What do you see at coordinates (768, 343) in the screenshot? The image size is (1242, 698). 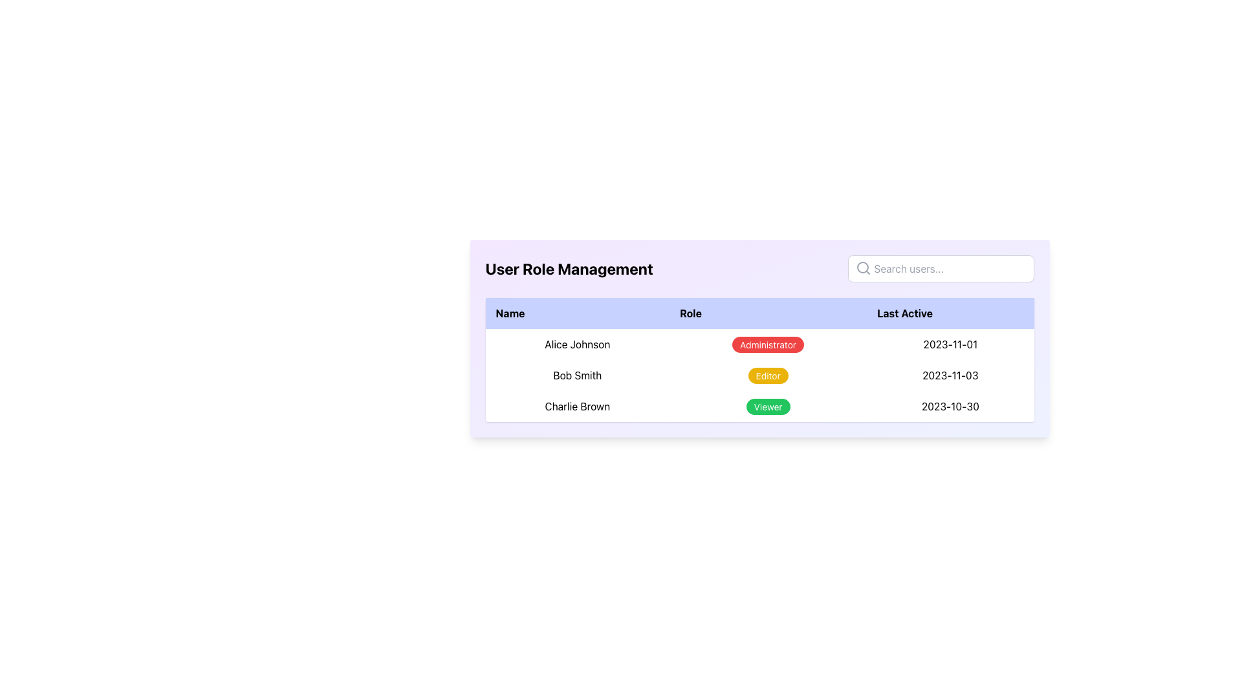 I see `the information represented by the 'Administrator' badge, which is a rounded rectangular badge with a red background and white text located in the 'Role' column of the first row under 'User Role Management'` at bounding box center [768, 343].